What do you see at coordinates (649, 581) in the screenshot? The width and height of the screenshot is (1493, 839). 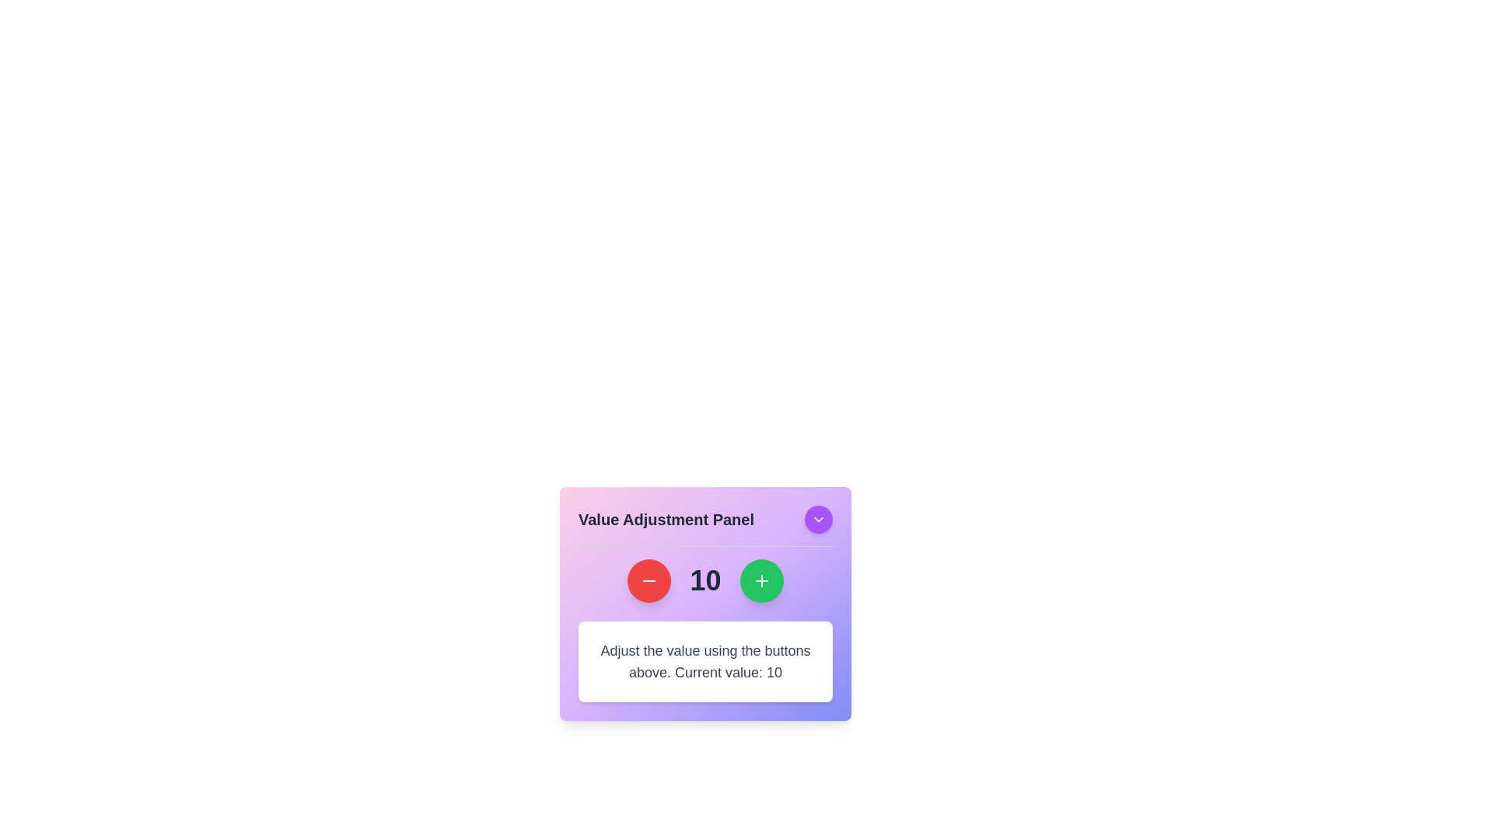 I see `the red circular button with a white horizontal minus symbol to decrease the value in the adjustment interface` at bounding box center [649, 581].